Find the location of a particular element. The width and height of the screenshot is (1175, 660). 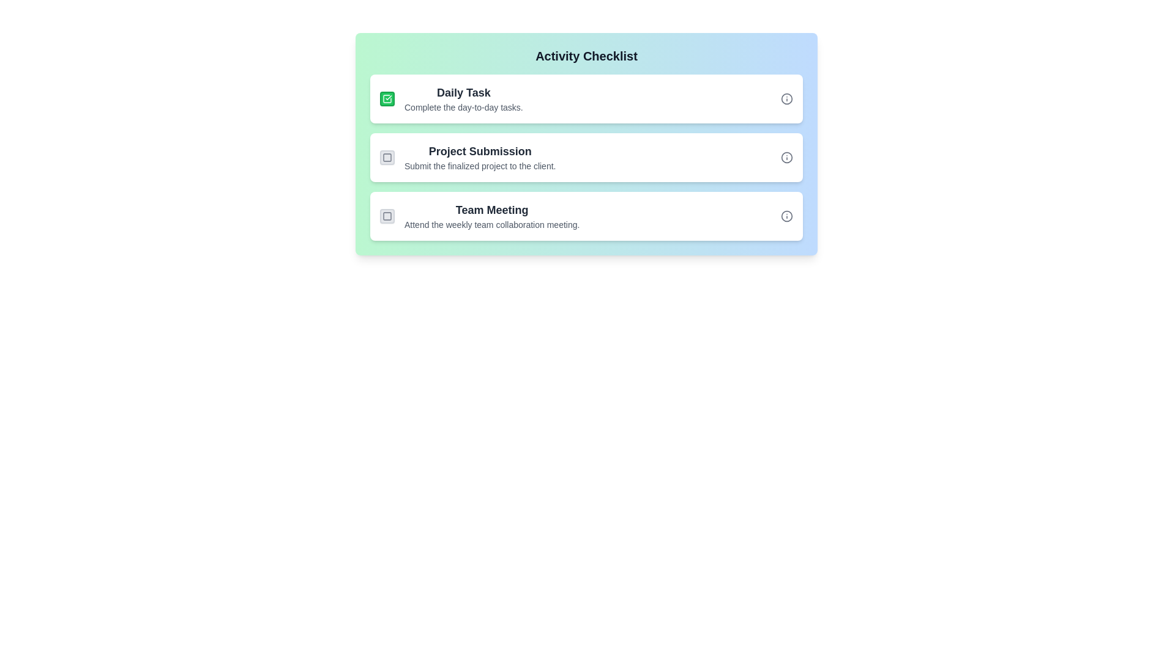

the header or title text of the first task card in the activity checklist interface, which serves to identify the context of the task is located at coordinates (463, 92).